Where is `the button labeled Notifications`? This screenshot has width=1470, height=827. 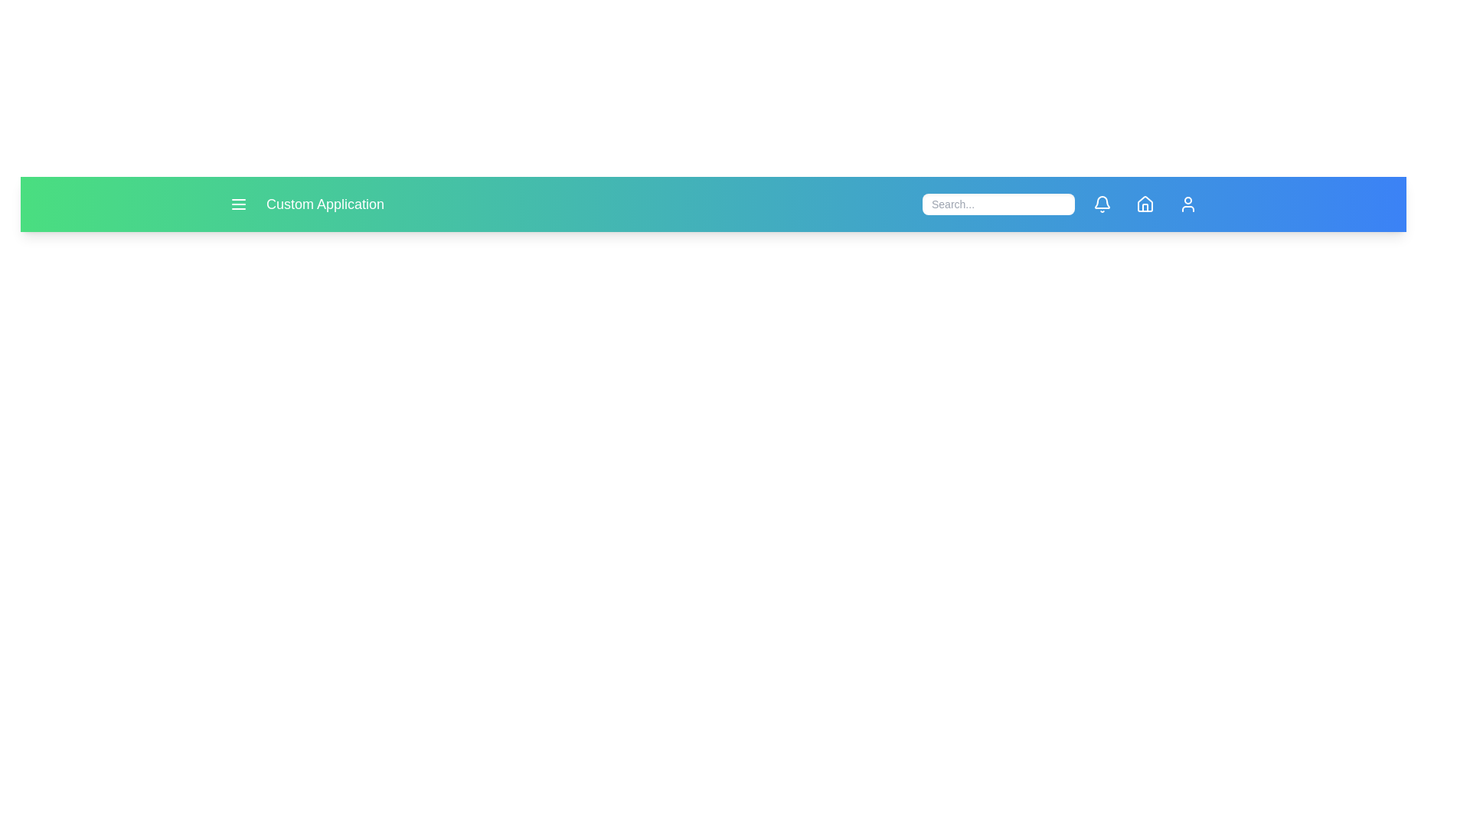
the button labeled Notifications is located at coordinates (1102, 203).